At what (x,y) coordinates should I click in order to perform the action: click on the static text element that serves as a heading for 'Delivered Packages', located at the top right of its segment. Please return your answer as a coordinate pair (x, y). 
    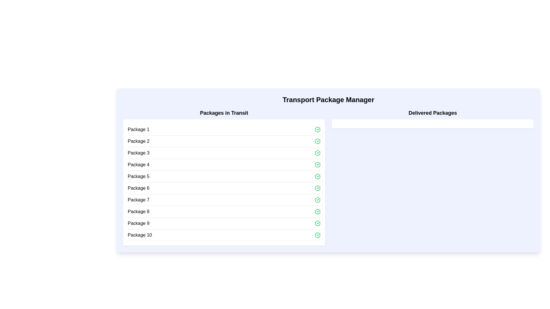
    Looking at the image, I should click on (433, 113).